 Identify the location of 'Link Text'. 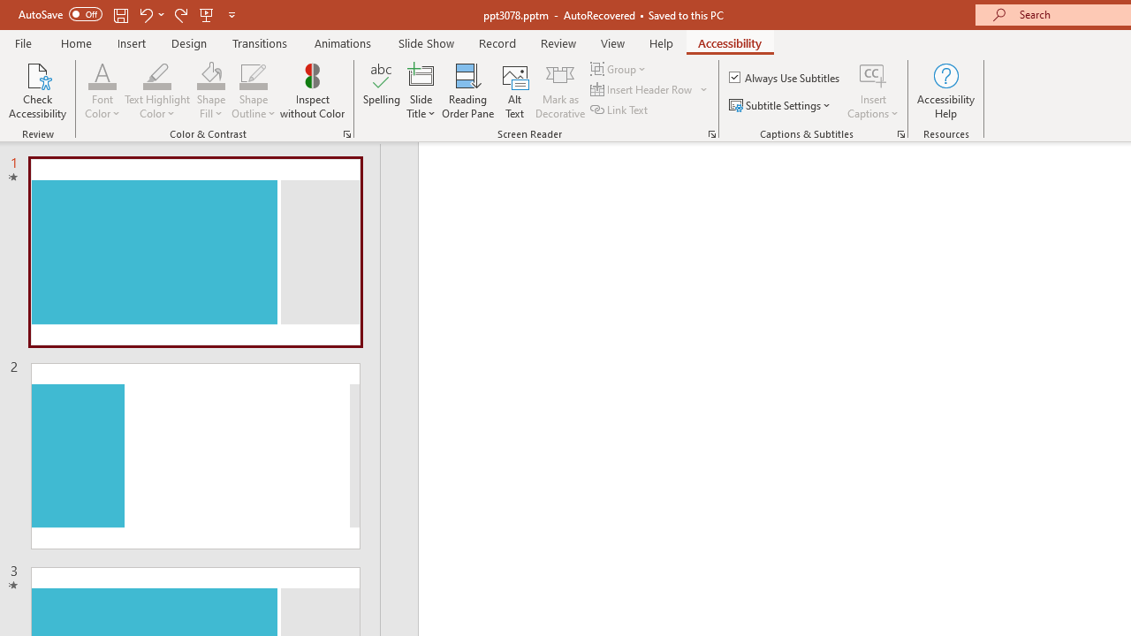
(620, 110).